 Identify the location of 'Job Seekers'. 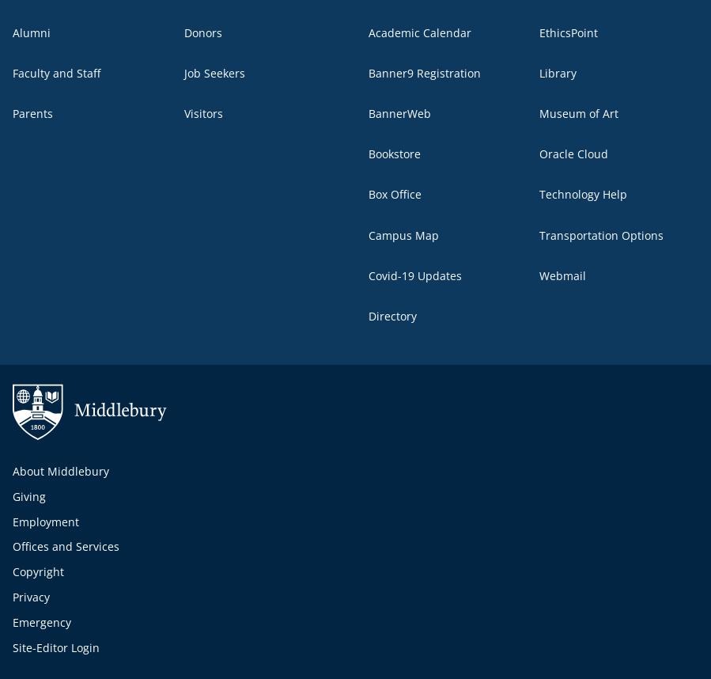
(214, 72).